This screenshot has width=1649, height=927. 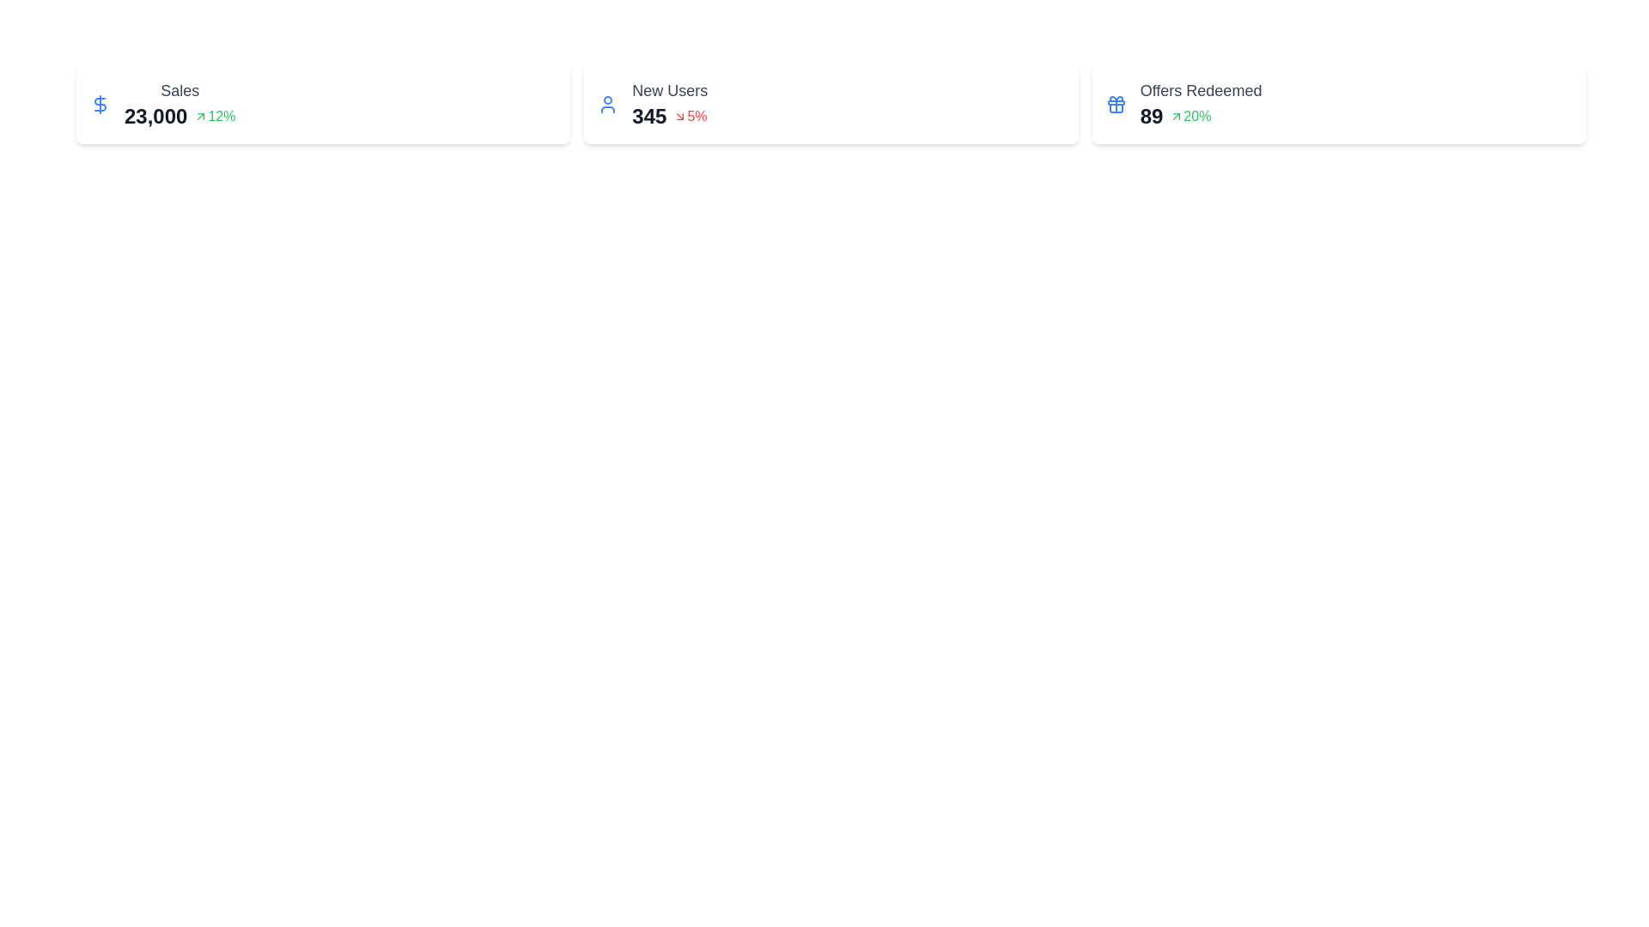 I want to click on the Textual Display element that shows the header 'New Users' with the number '345' and percentage '5%' in red, located in the middle panel, so click(x=669, y=105).